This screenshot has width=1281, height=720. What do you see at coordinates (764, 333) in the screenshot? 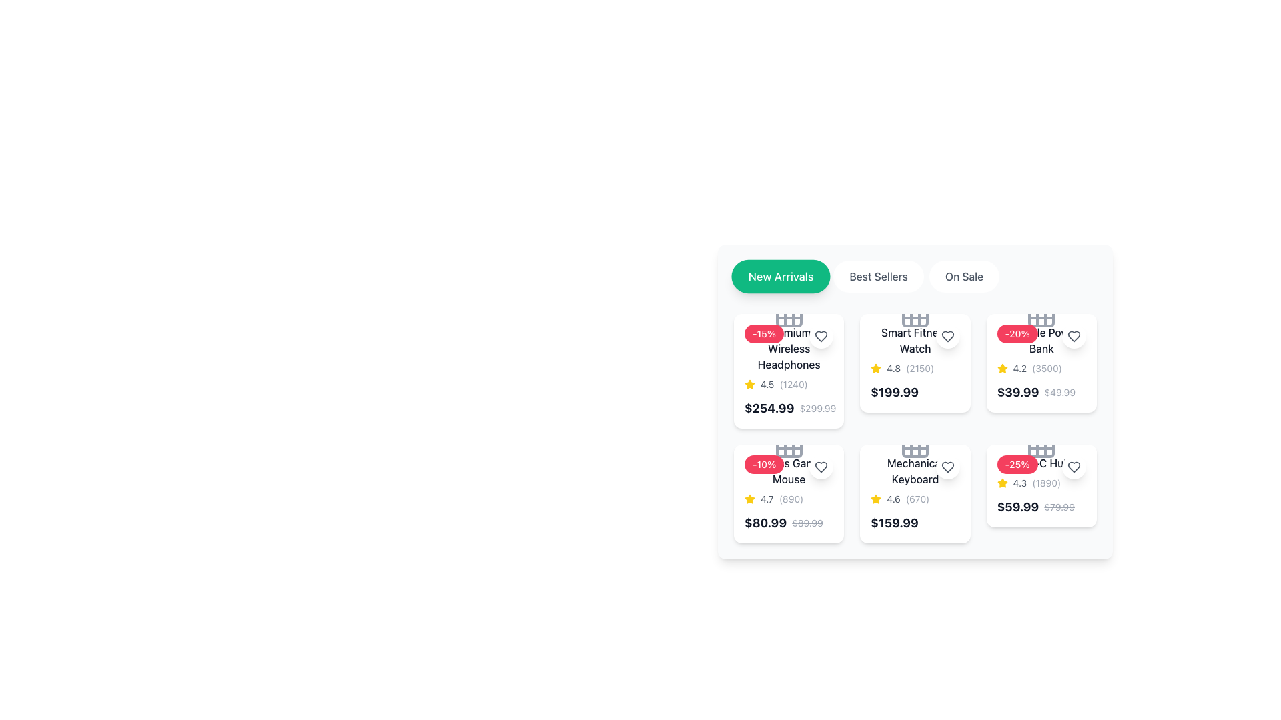
I see `the red badge with white text displaying '-15%' located at the top-left area of the product card for 'Premium Wireless Headphones'` at bounding box center [764, 333].